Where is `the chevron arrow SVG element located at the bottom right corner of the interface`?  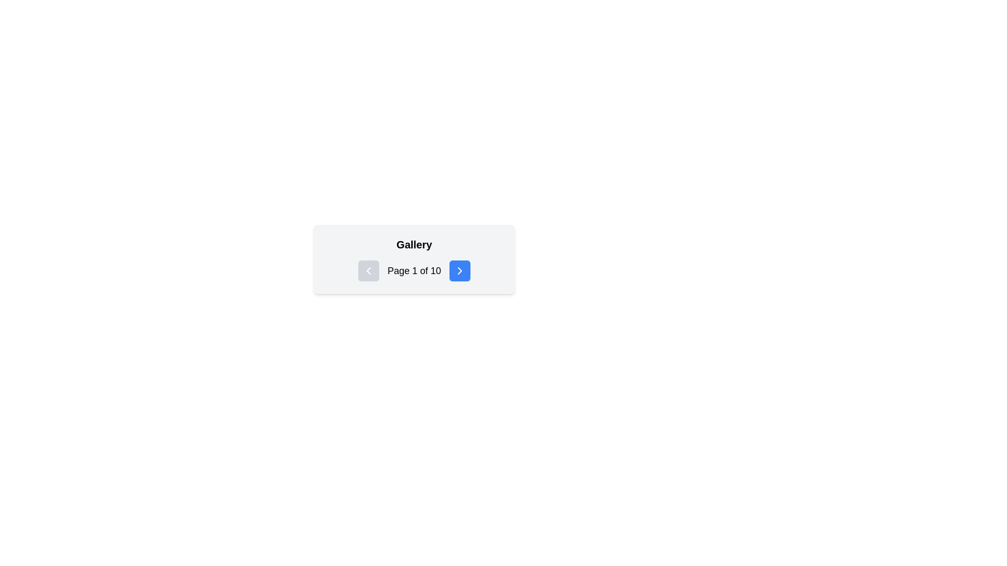
the chevron arrow SVG element located at the bottom right corner of the interface is located at coordinates (460, 270).